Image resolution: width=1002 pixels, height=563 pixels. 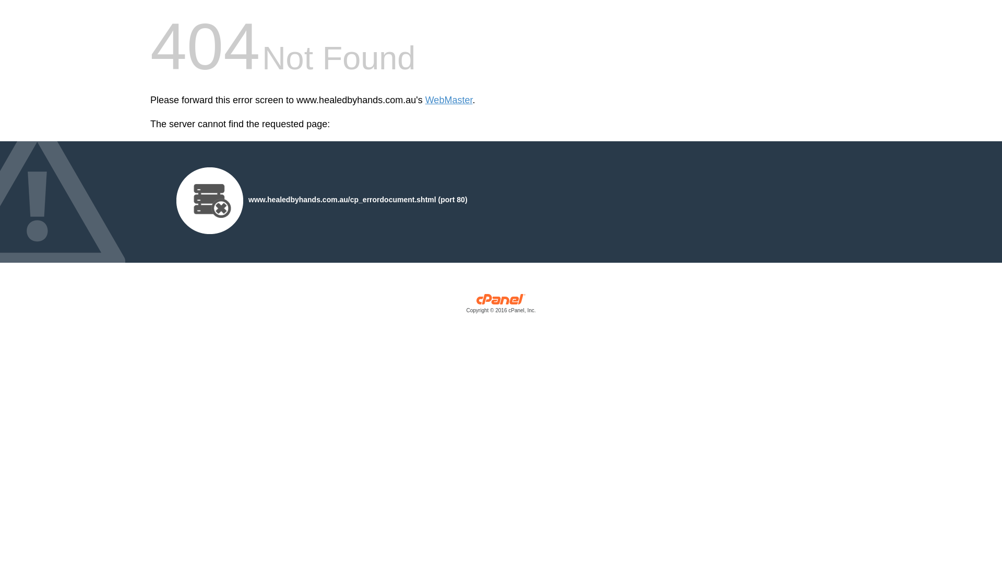 I want to click on 'WebMaster', so click(x=449, y=100).